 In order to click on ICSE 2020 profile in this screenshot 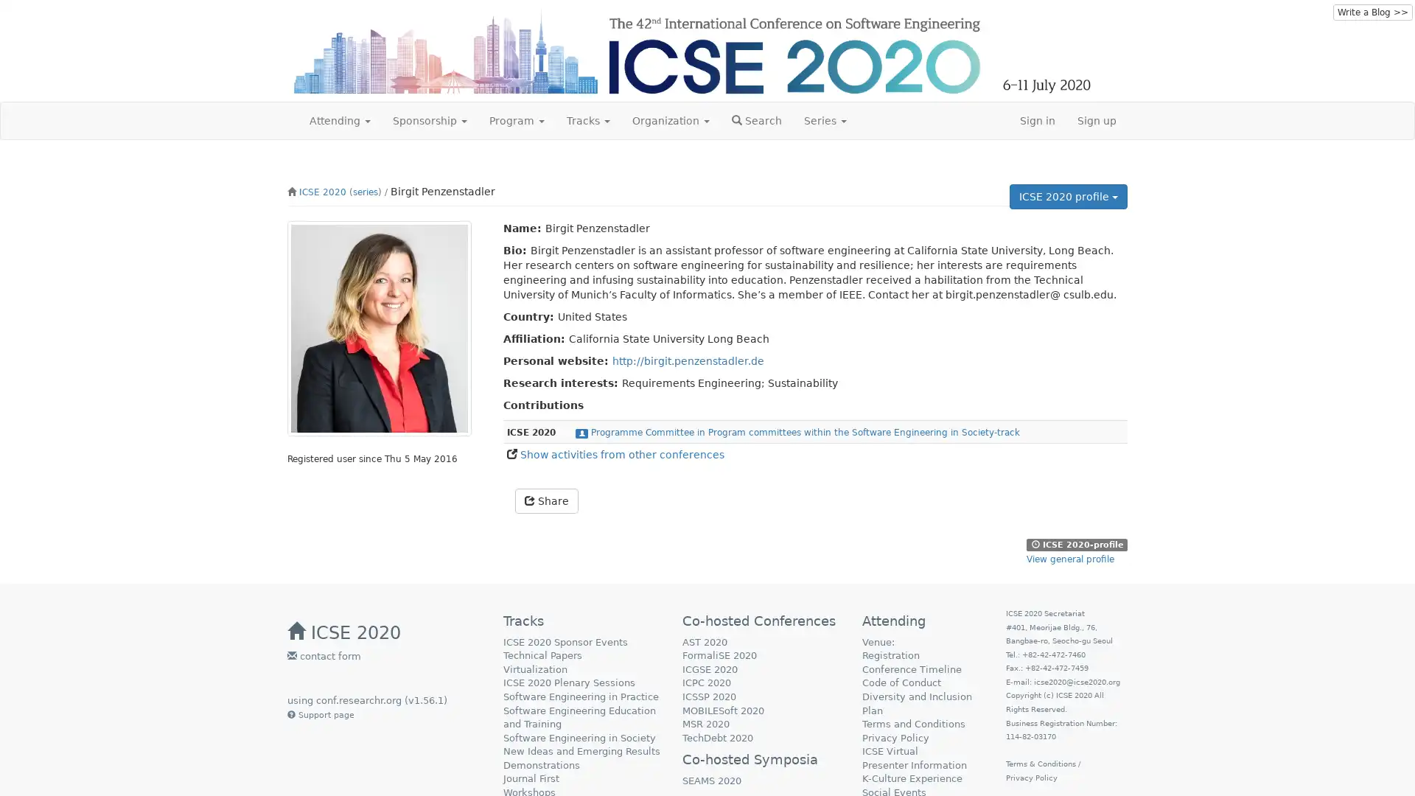, I will do `click(1068, 195)`.